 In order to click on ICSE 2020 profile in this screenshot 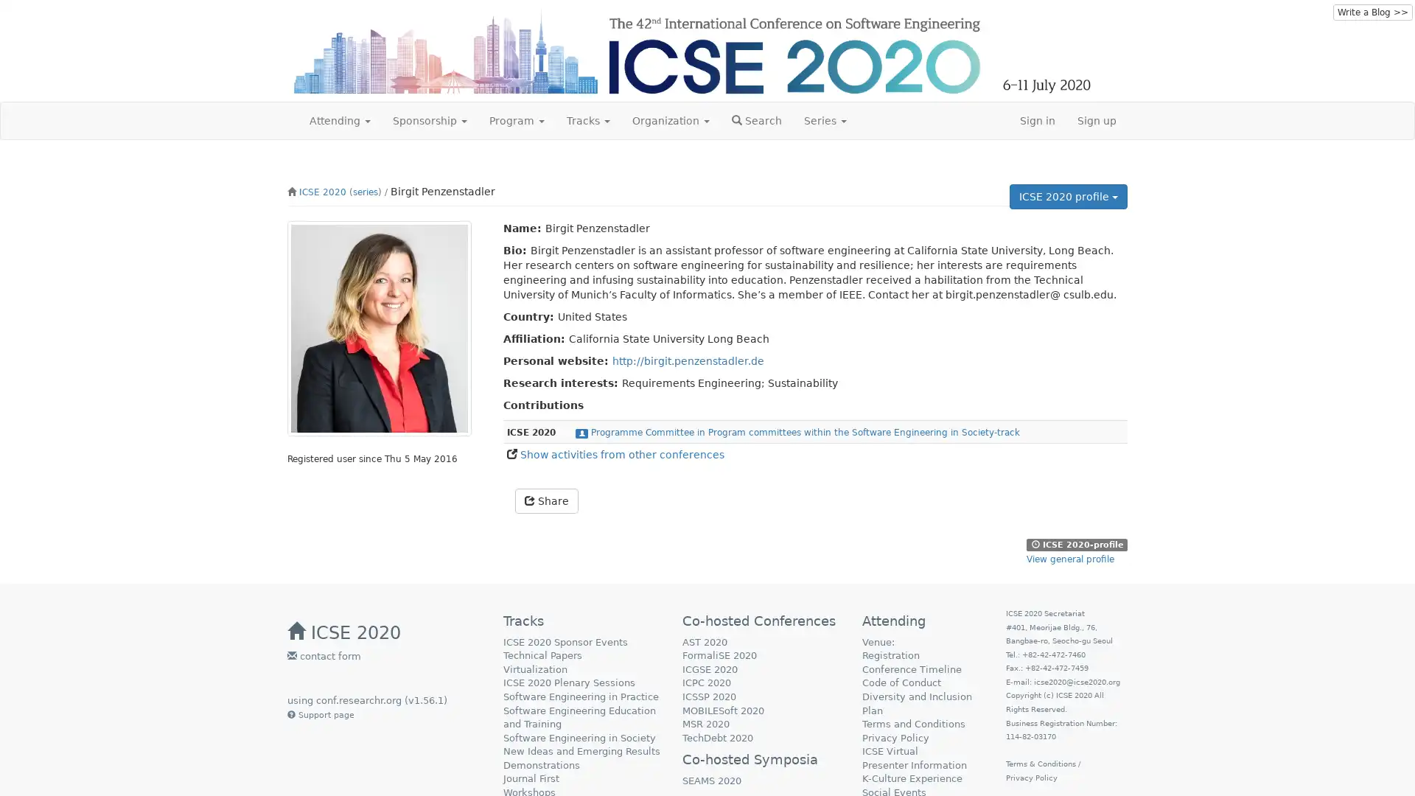, I will do `click(1068, 195)`.